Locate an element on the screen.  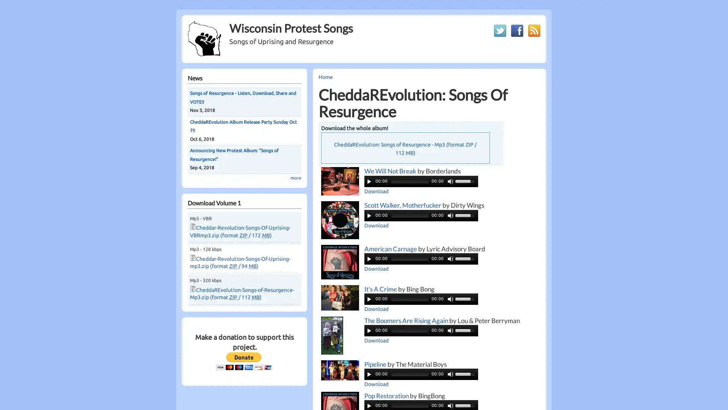
PayPal - The safer, easier way to pay online! is located at coordinates (243, 361).